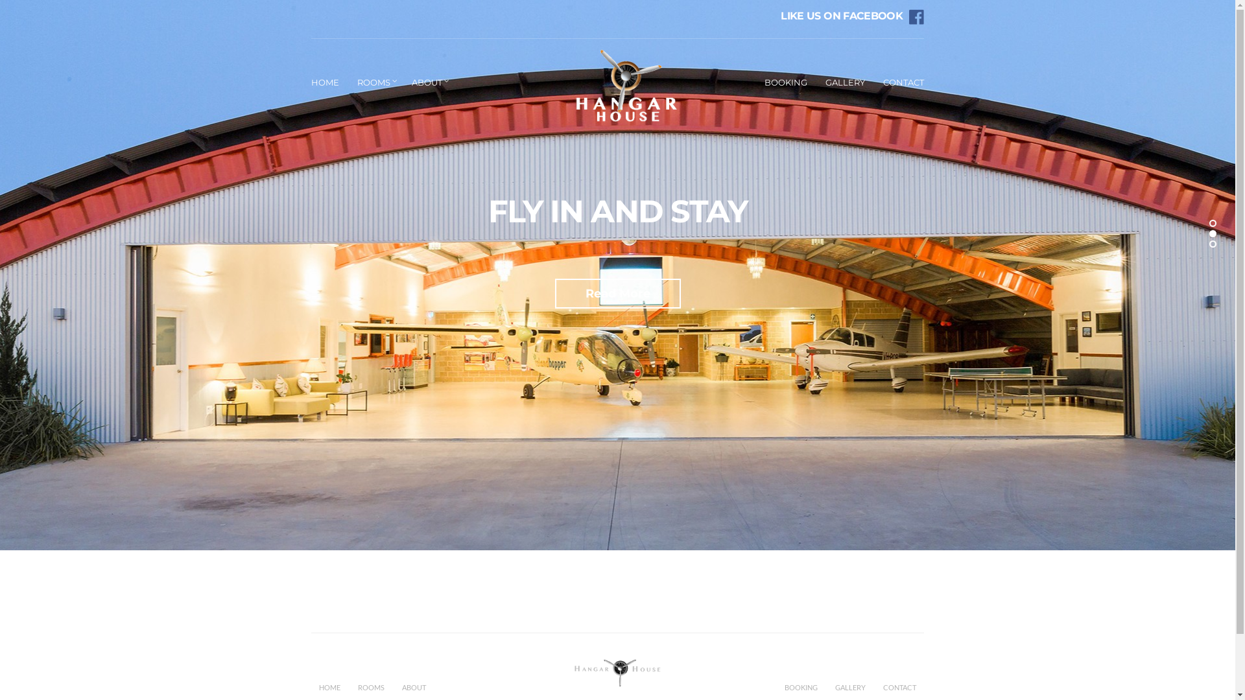 This screenshot has height=700, width=1245. I want to click on 'ROOMS', so click(370, 688).